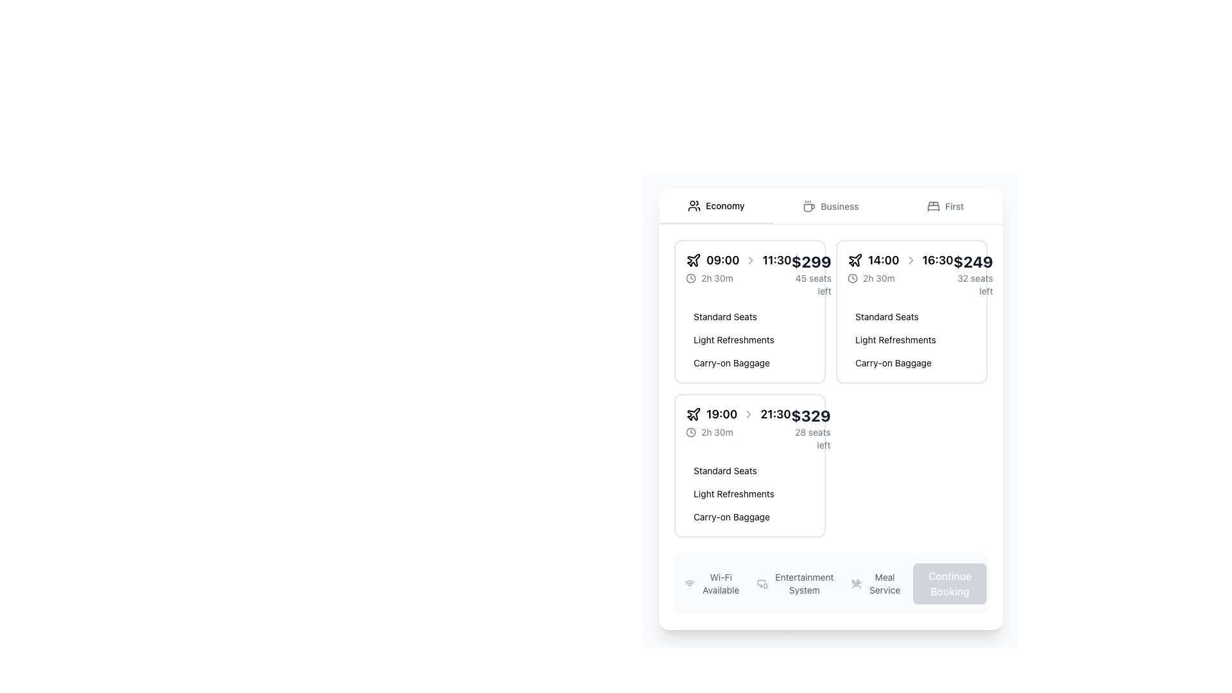  What do you see at coordinates (894, 339) in the screenshot?
I see `the 'Light Refreshments' text label, which is styled with a light blue background and blue text, located in the flight information section under the details for the flight departing at 14:00` at bounding box center [894, 339].